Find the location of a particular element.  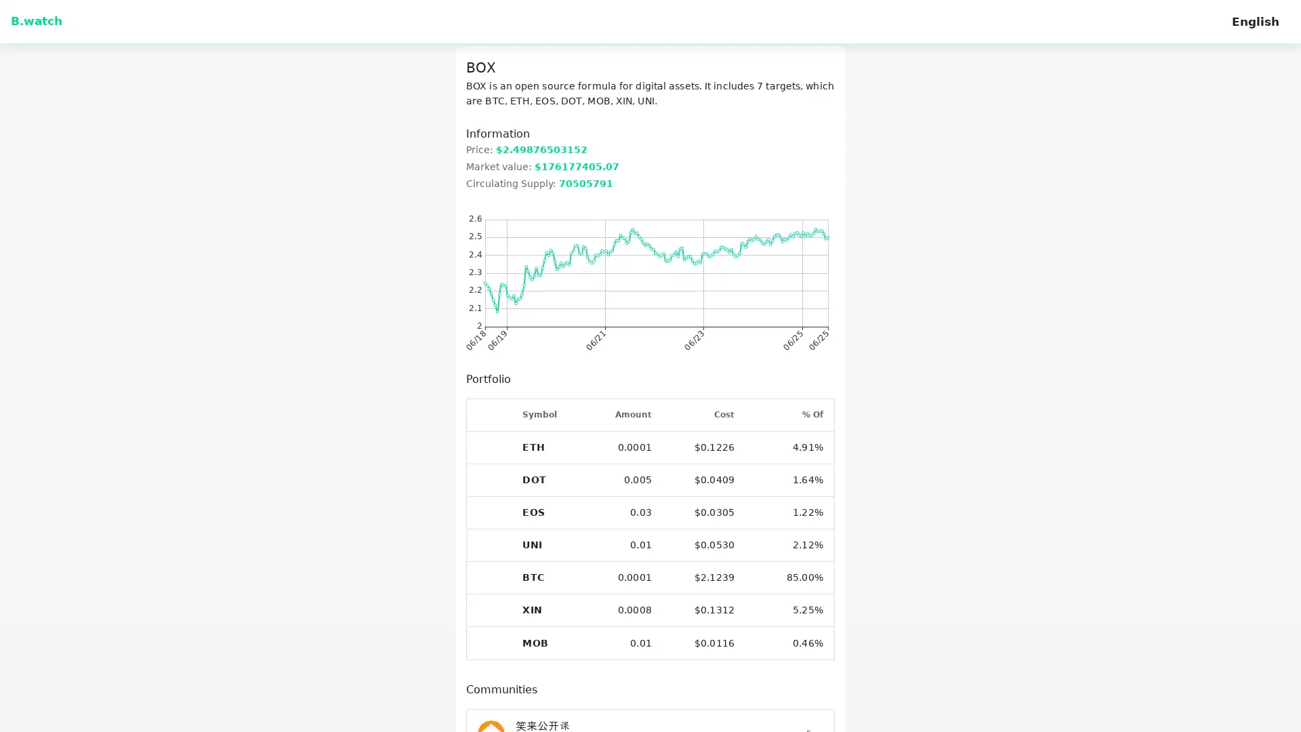

English is located at coordinates (1254, 21).